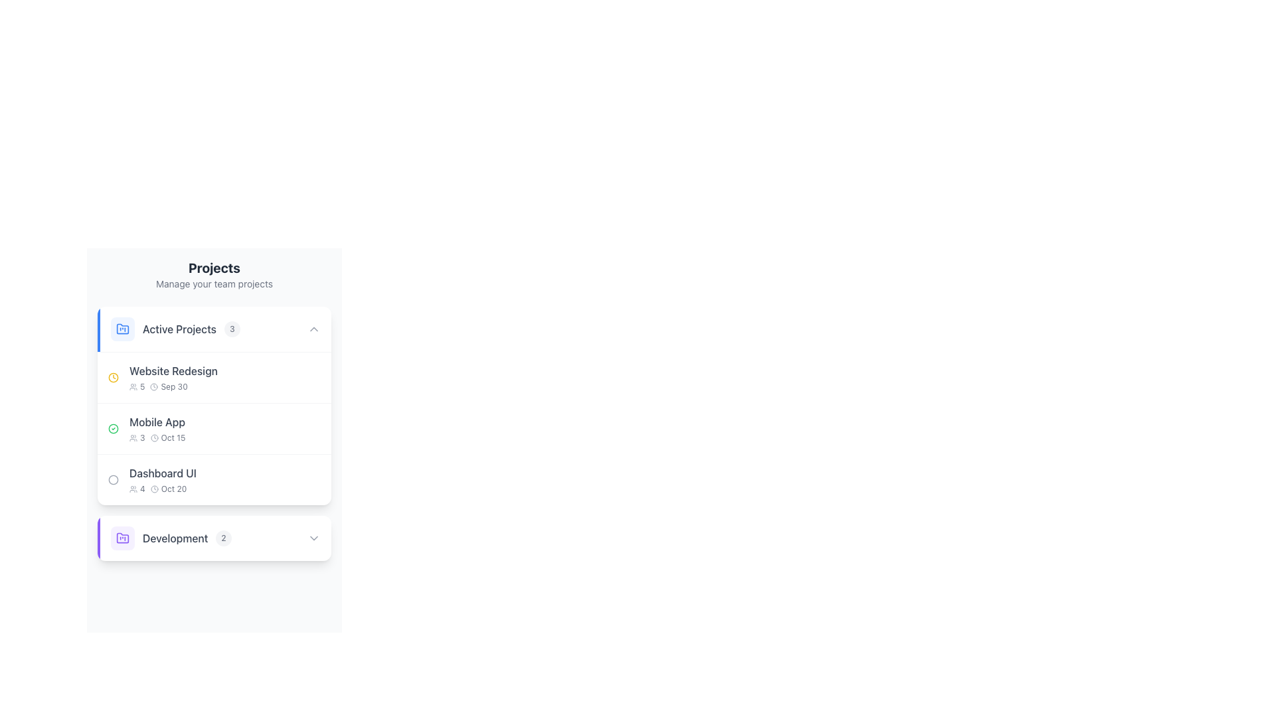  I want to click on the project titled 'Mobile App' which is the second item in the 'Active Projects' list, positioned between 'Website Redesign' and 'Dashboard UI', so click(214, 428).